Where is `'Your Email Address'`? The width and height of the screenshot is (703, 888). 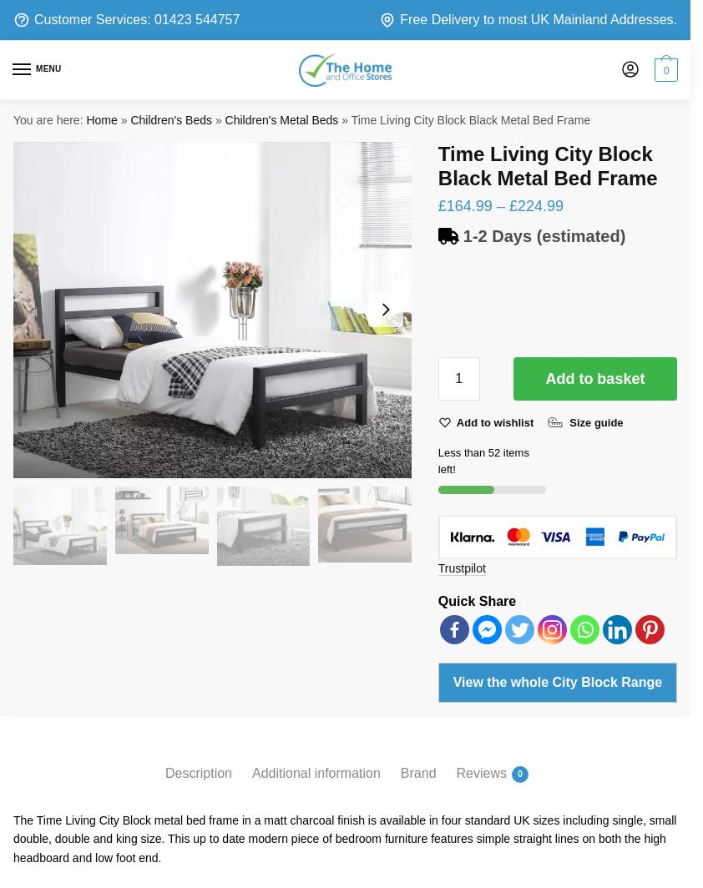 'Your Email Address' is located at coordinates (164, 179).